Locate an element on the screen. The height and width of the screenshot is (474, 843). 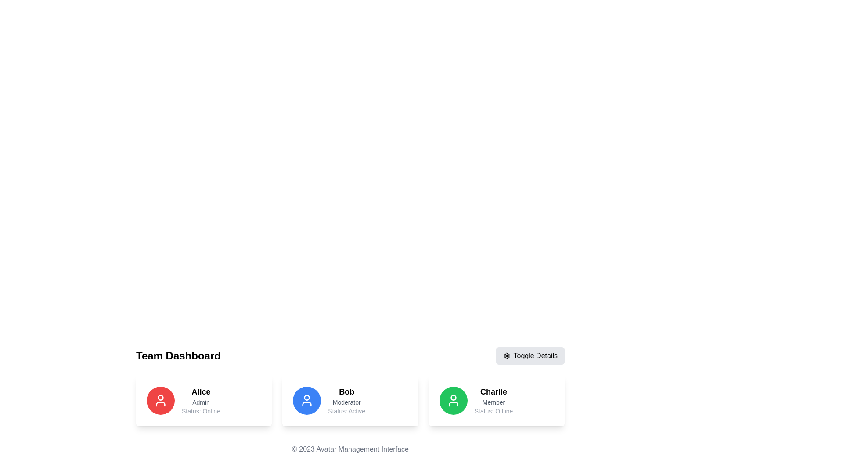
the user information text block located in the first card of the horizontal list of user profiles on the dashboard, which includes a red circular icon on its left side is located at coordinates (200, 401).